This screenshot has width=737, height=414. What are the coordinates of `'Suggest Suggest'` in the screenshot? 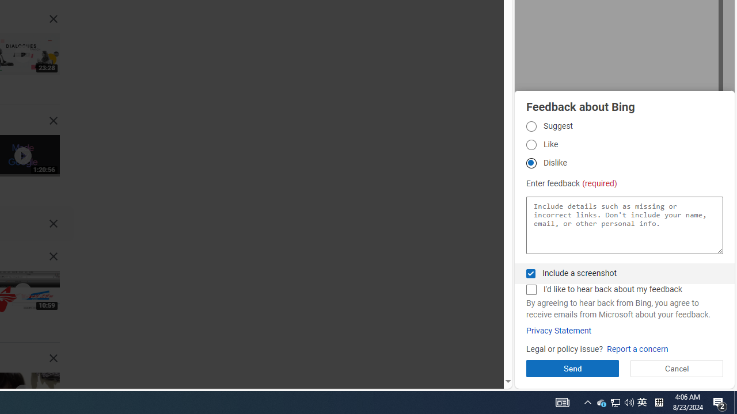 It's located at (530, 126).